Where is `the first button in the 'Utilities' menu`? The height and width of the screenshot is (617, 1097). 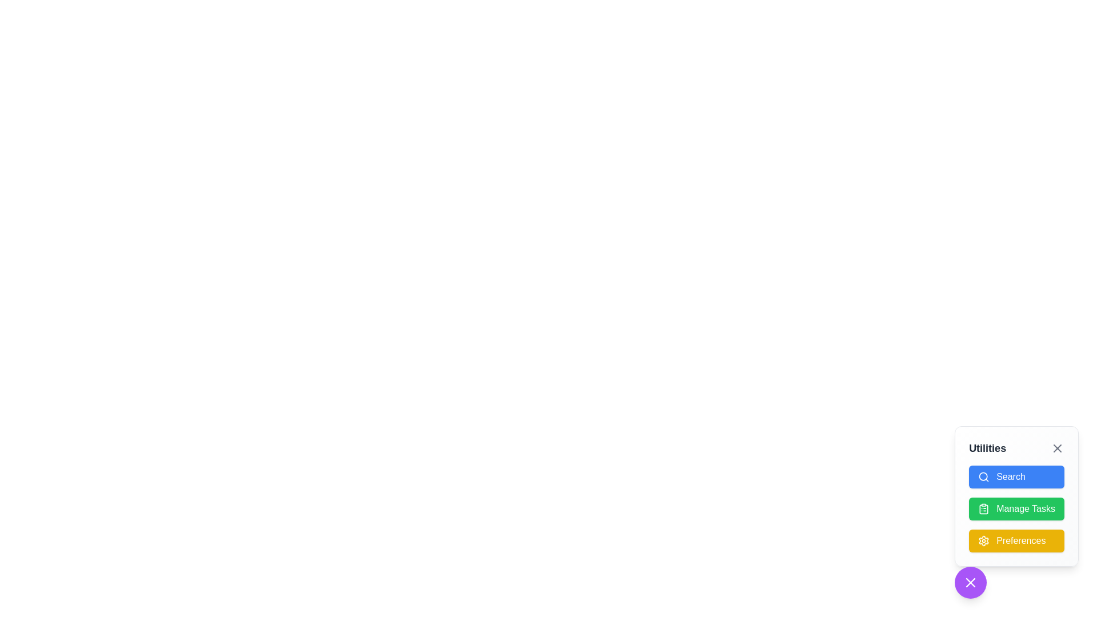
the first button in the 'Utilities' menu is located at coordinates (1016, 476).